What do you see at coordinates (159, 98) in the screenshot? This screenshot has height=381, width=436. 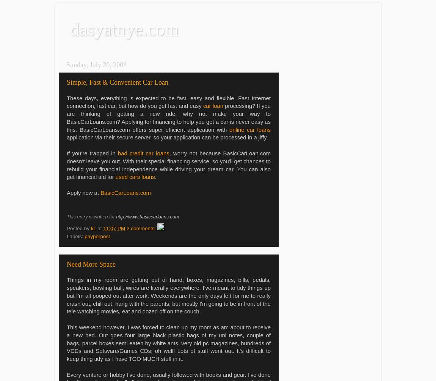 I see `'These days, everything is expected to be fast, easy and flexible. Fast'` at bounding box center [159, 98].